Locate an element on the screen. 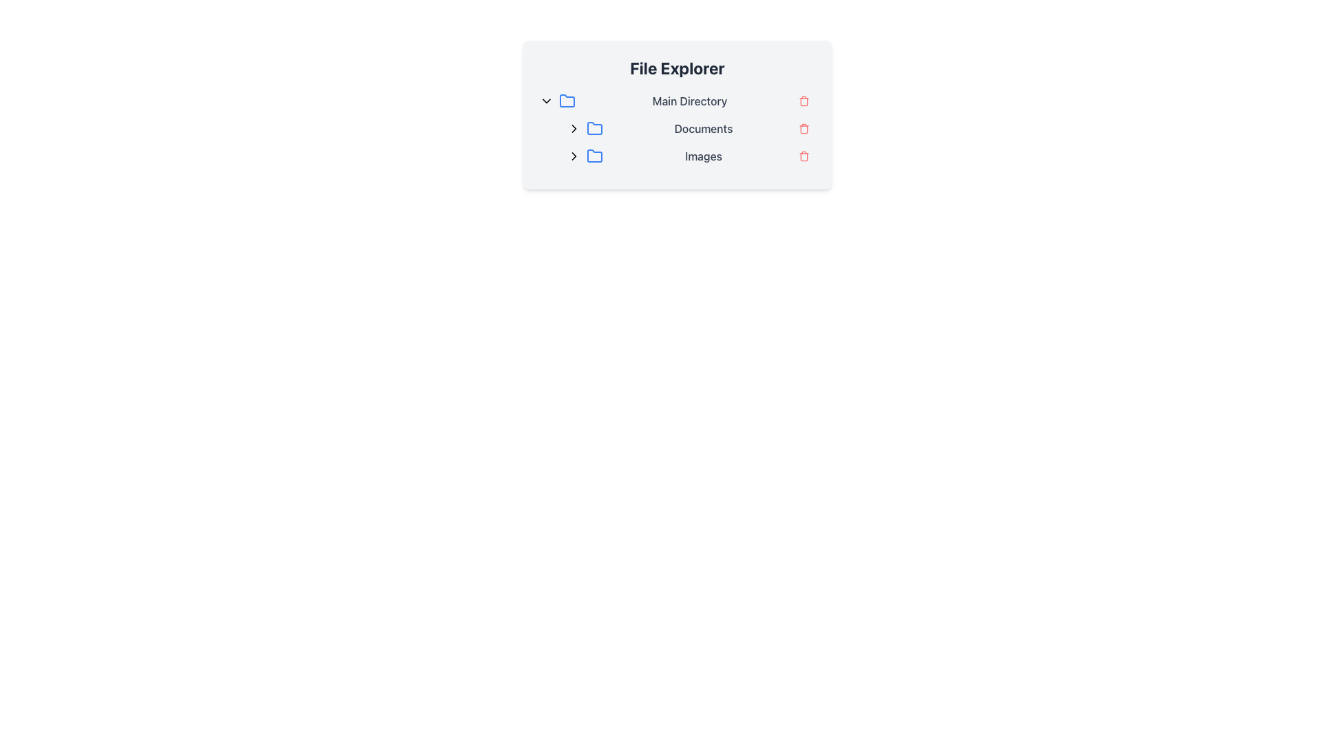 The image size is (1322, 744). to select the 'Documents' folder, which is the second folder listing in the file explorer interface, featuring a blue folder icon on the left and a red trash icon on the right is located at coordinates (683, 128).